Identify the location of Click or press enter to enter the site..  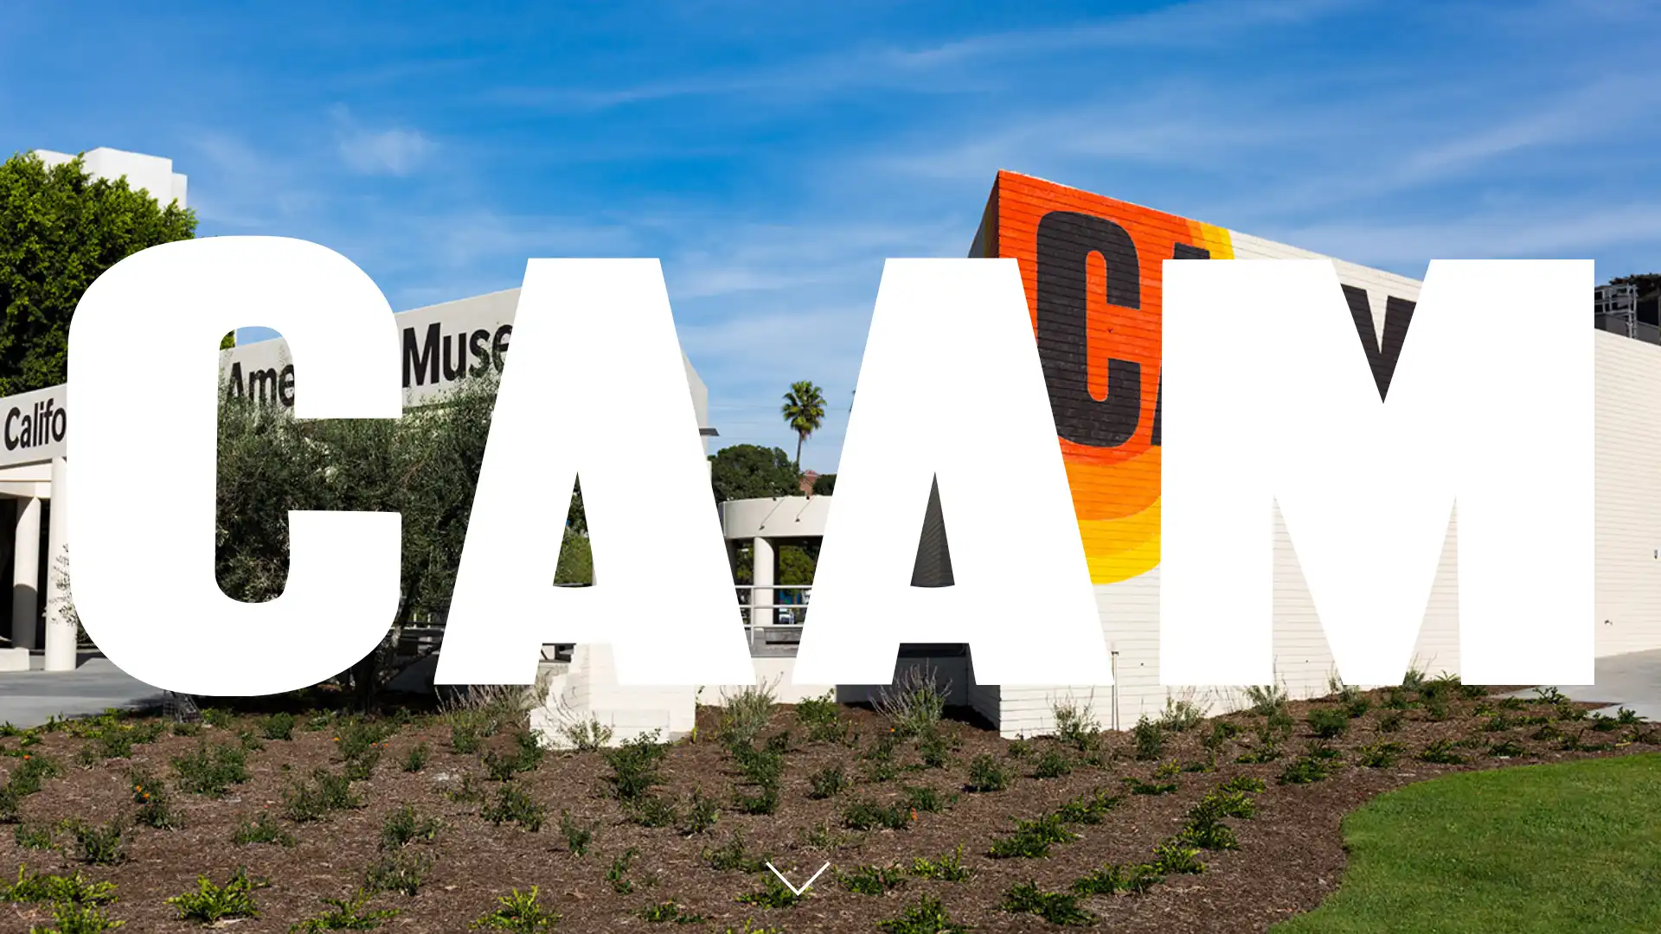
(796, 879).